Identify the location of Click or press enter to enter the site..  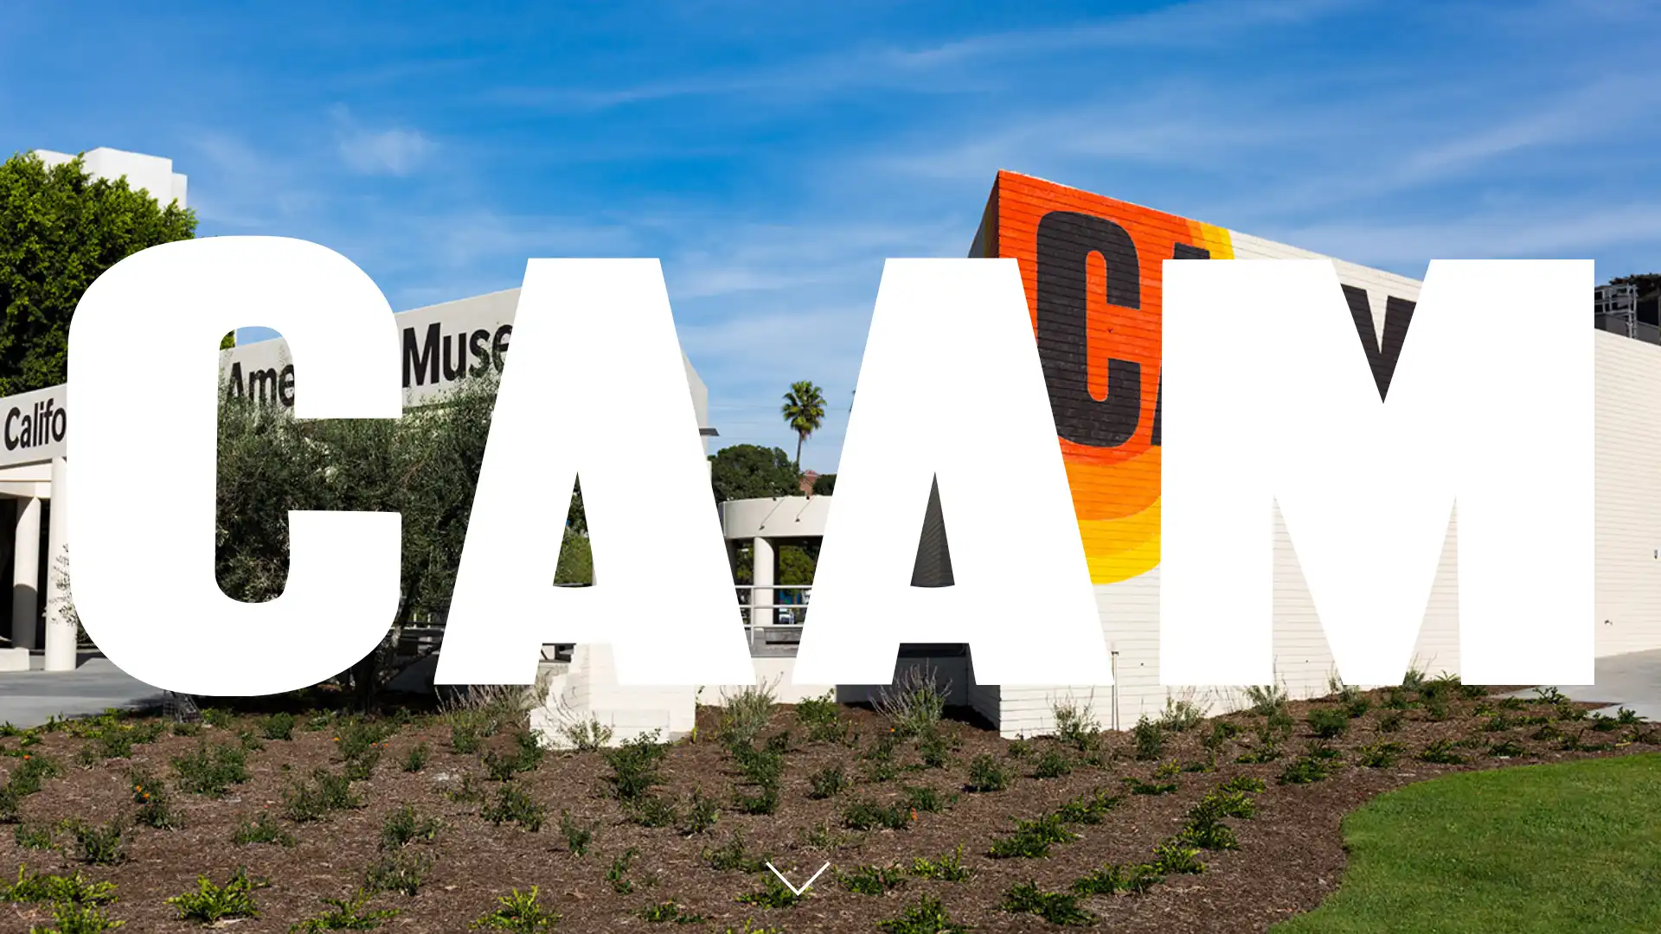
(796, 879).